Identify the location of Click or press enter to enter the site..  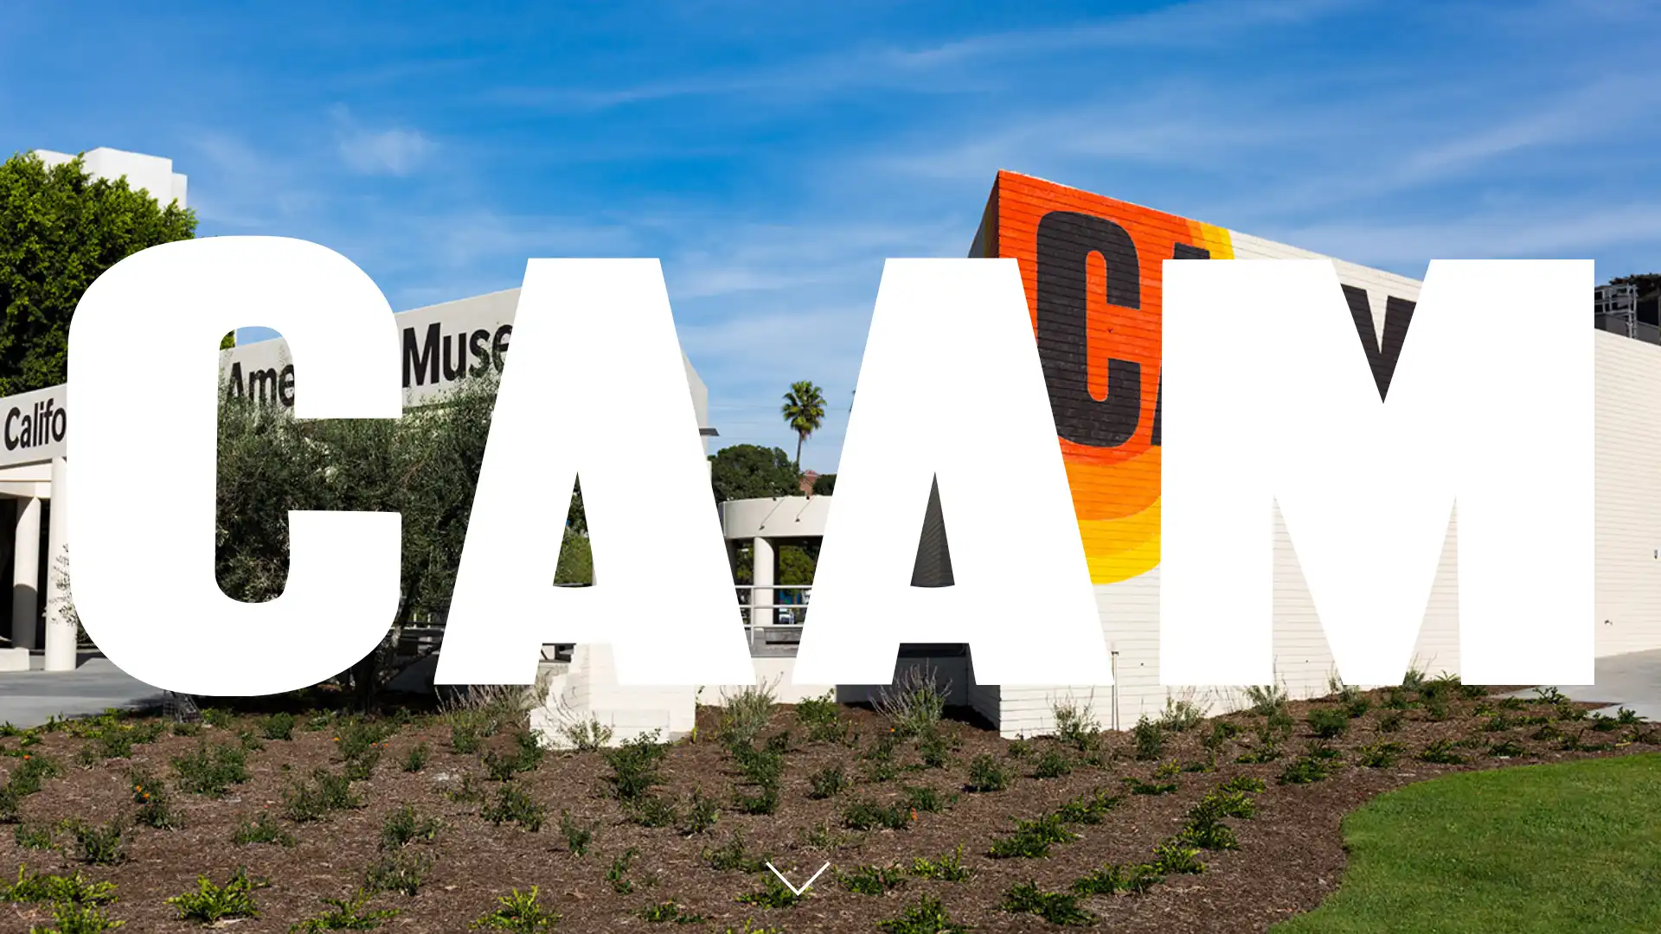
(796, 879).